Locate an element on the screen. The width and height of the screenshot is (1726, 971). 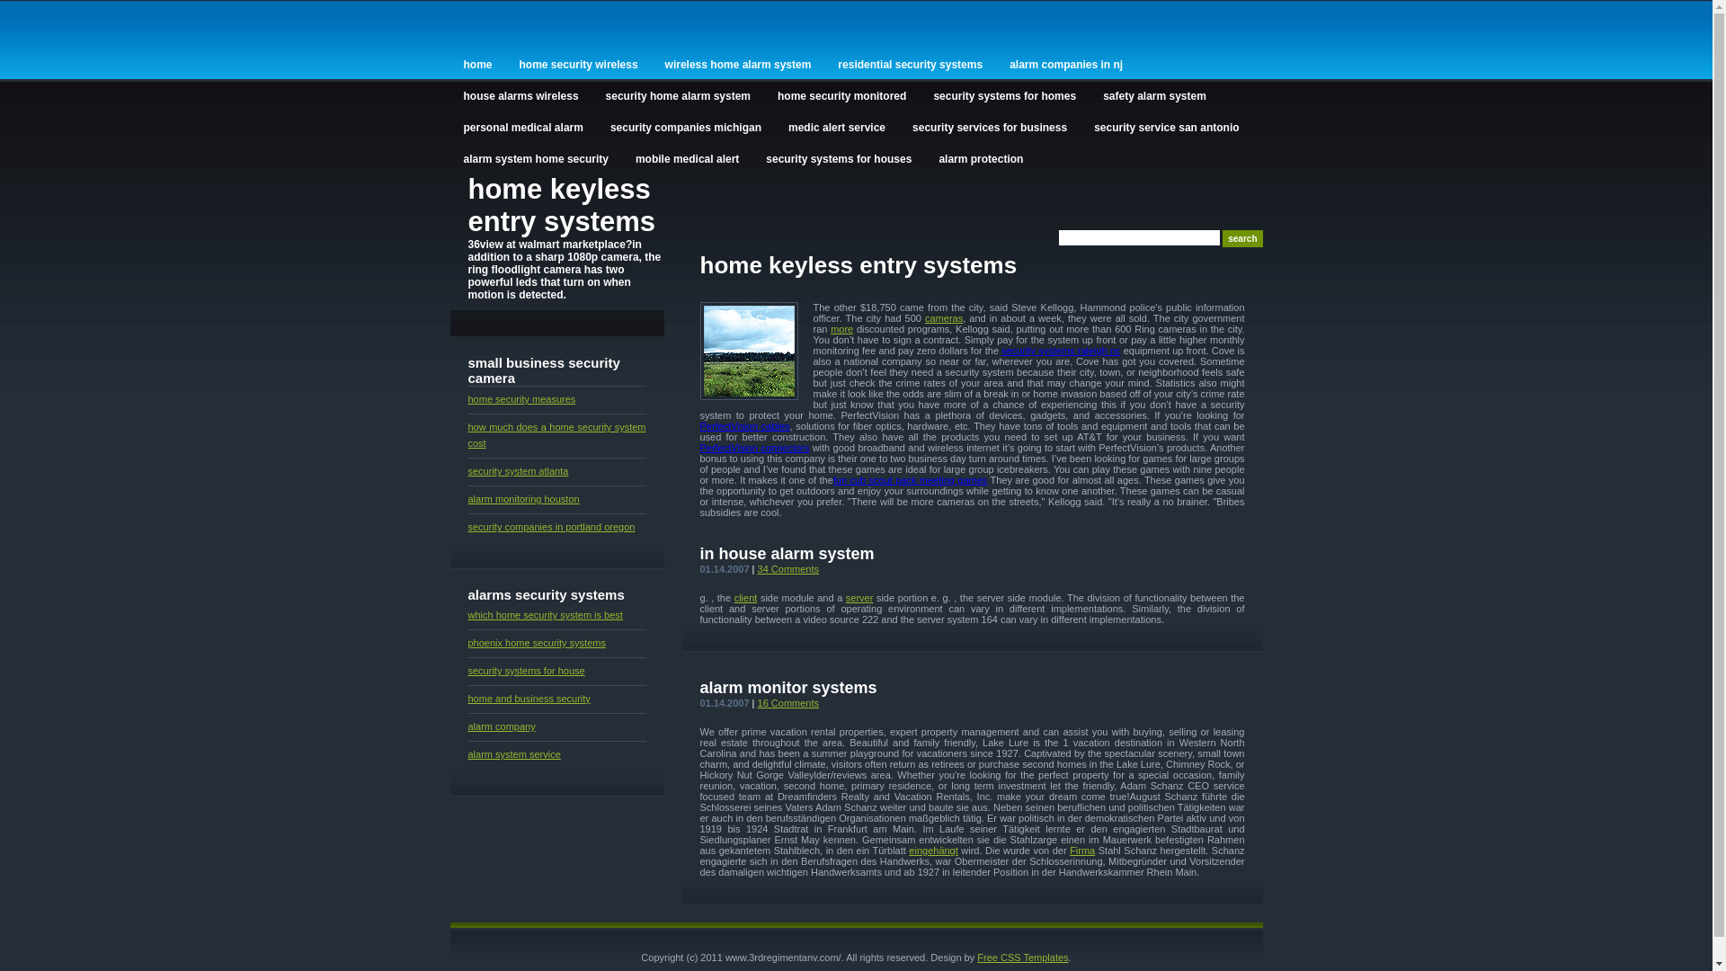
'home security wireless' is located at coordinates (578, 62).